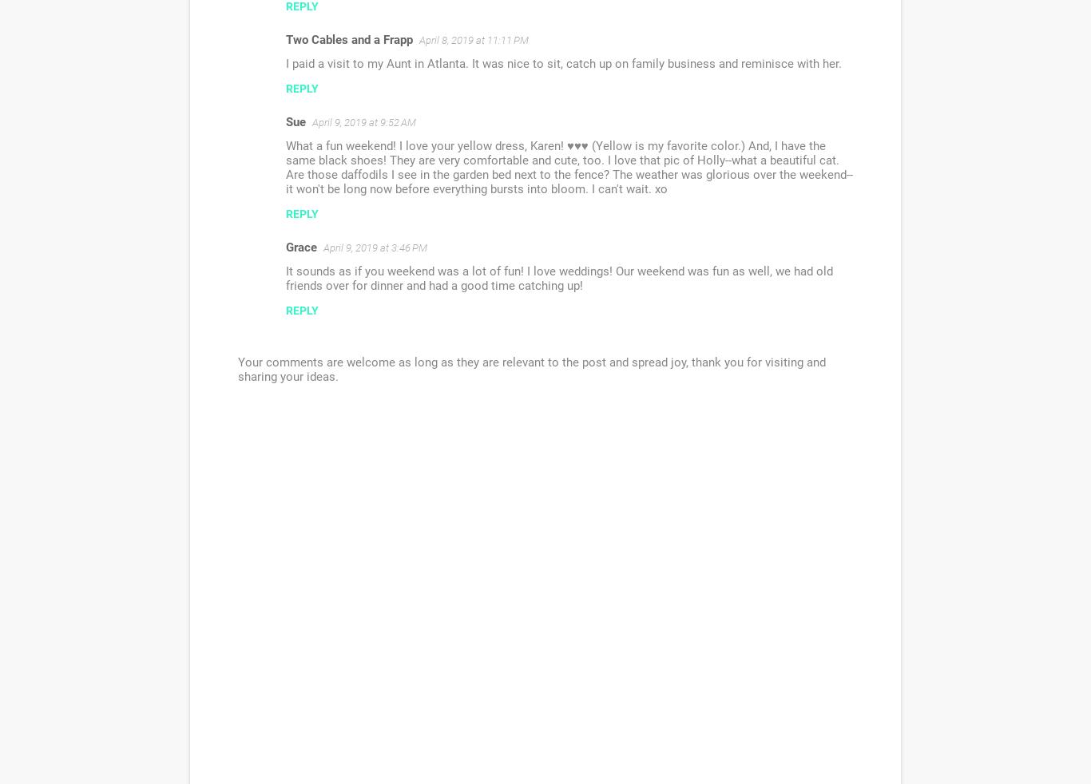 The height and width of the screenshot is (784, 1091). Describe the element at coordinates (531, 370) in the screenshot. I see `'Your comments are welcome as long as they are relevant to the post and spread joy,  thank you for visiting and sharing your ideas.'` at that location.